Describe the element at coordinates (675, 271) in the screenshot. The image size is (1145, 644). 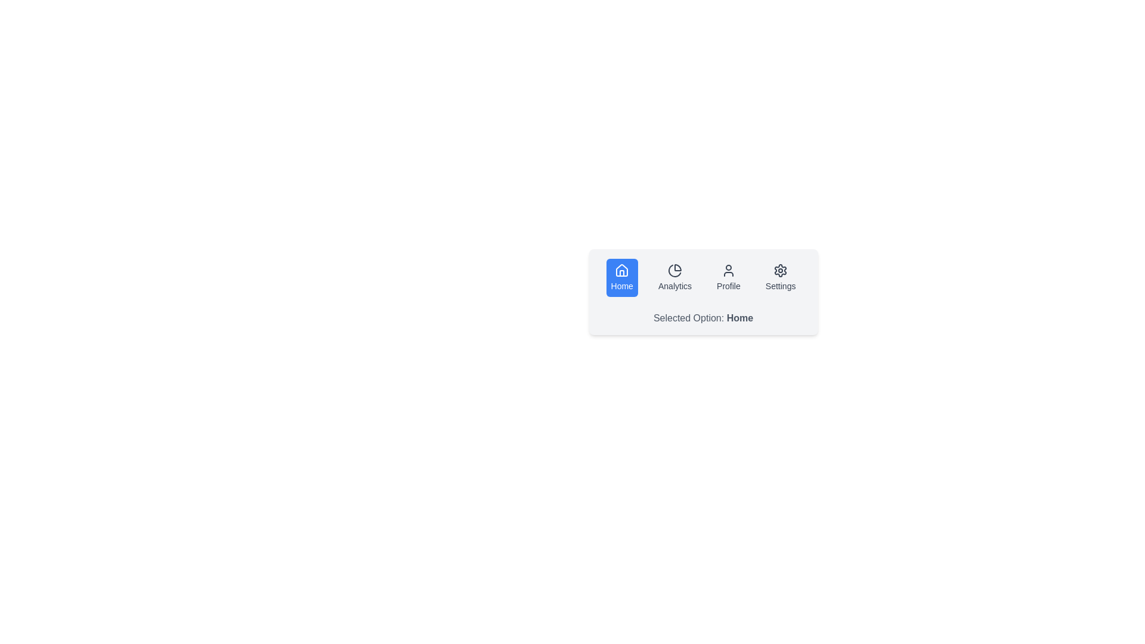
I see `the pie chart icon located above the 'Analytics' label, which is visually represented as a circular icon divided into two segments` at that location.